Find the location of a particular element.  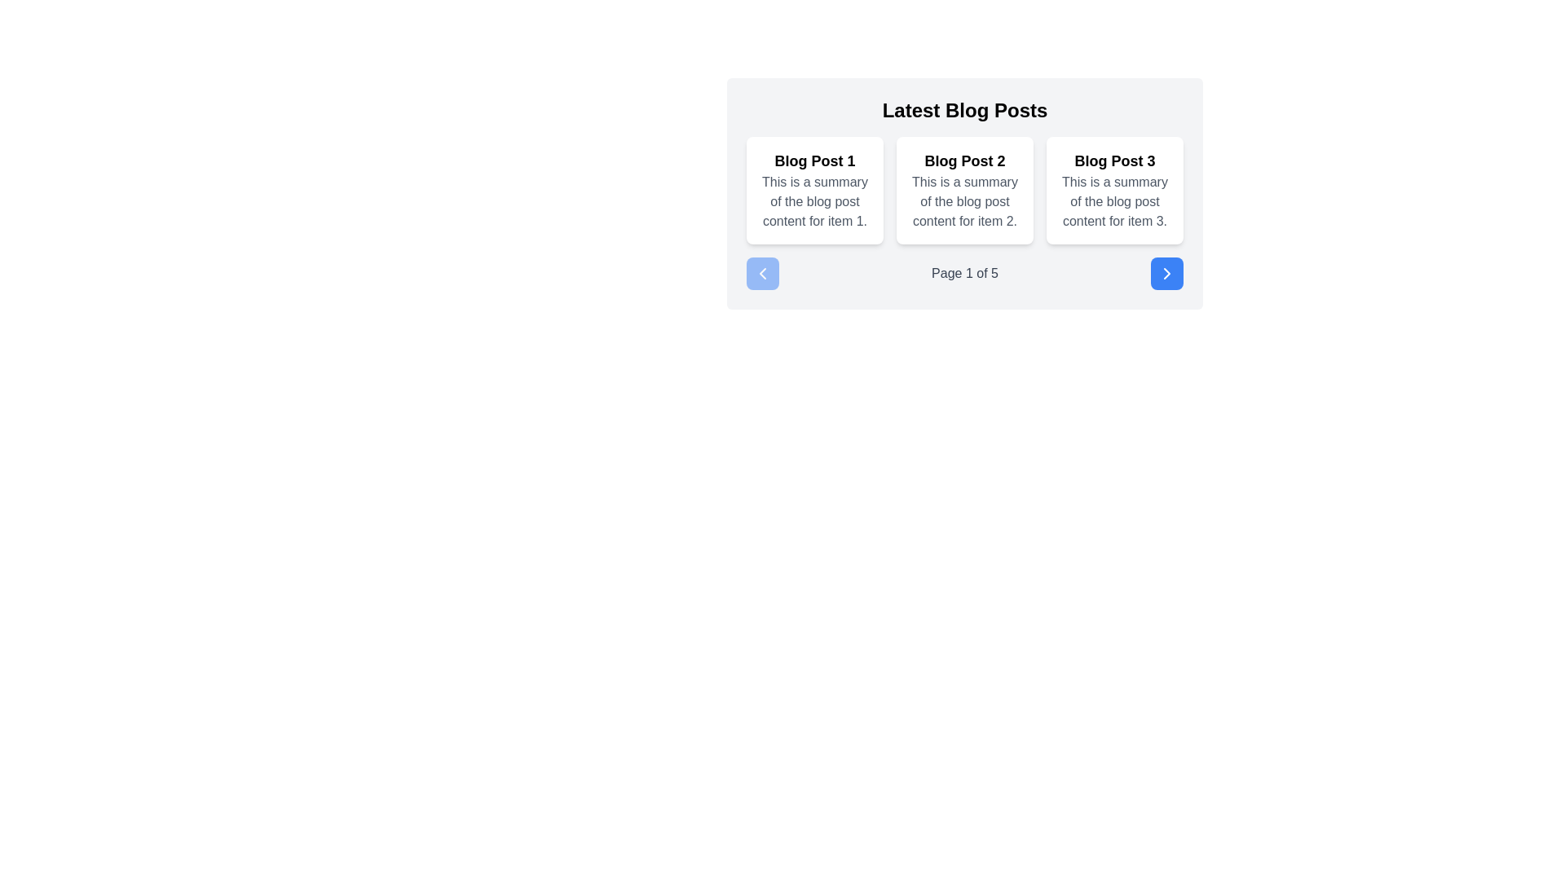

title 'Blog Post 2' which is styled in bold and slightly larger font, located at the top center of the second blog post card is located at coordinates (965, 161).